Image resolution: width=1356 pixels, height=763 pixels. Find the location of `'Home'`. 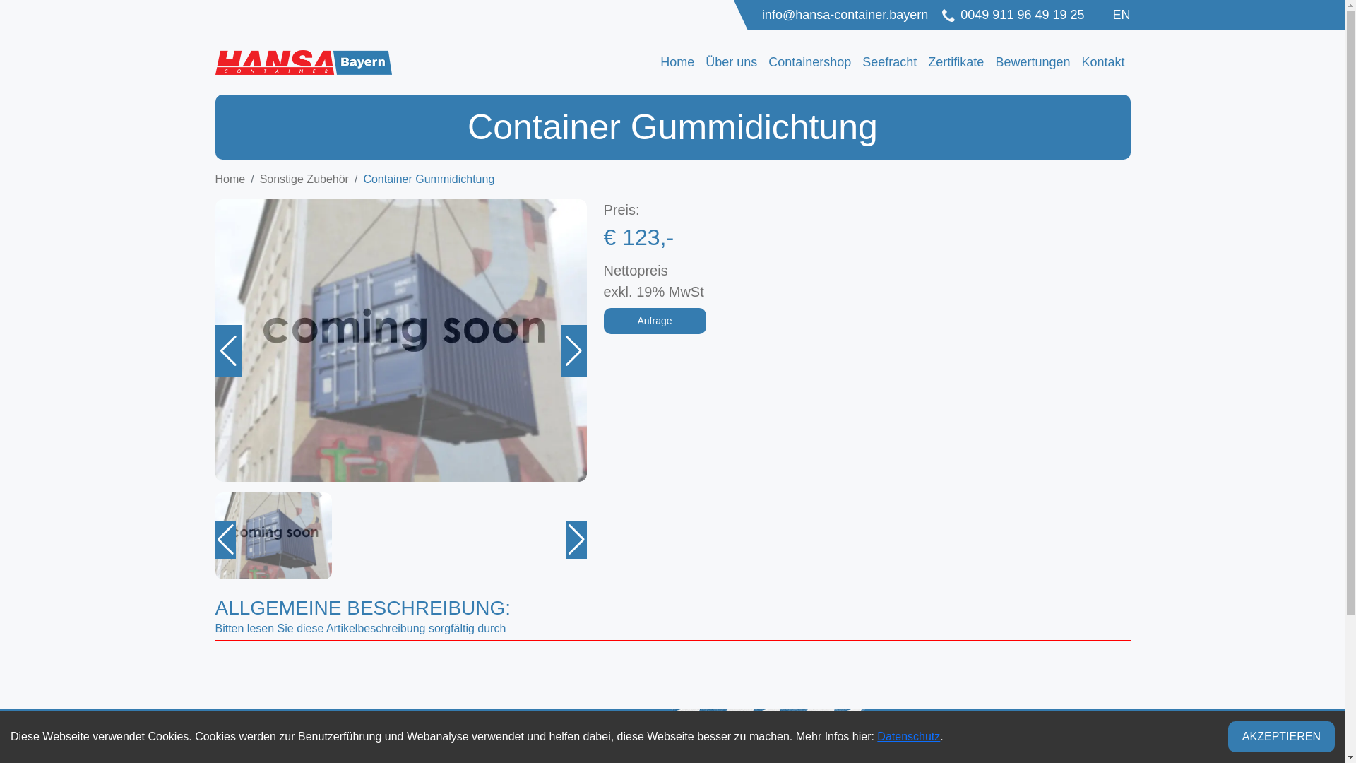

'Home' is located at coordinates (213, 178).